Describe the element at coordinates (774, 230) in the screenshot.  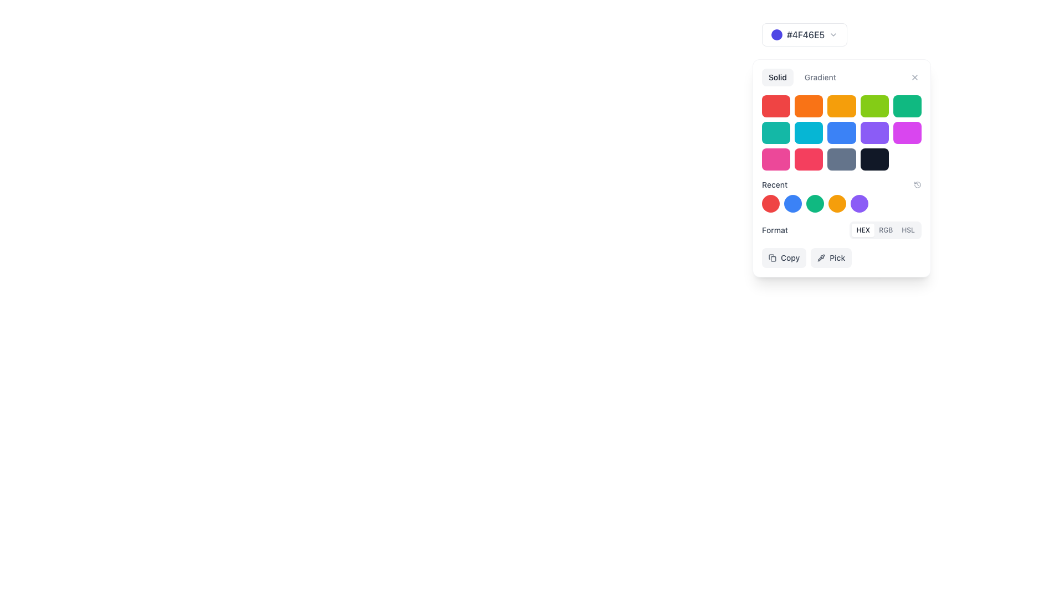
I see `the static text label 'Format' which indicates the purpose of the adjacent color format buttons (HEX, RGB, HSL)` at that location.